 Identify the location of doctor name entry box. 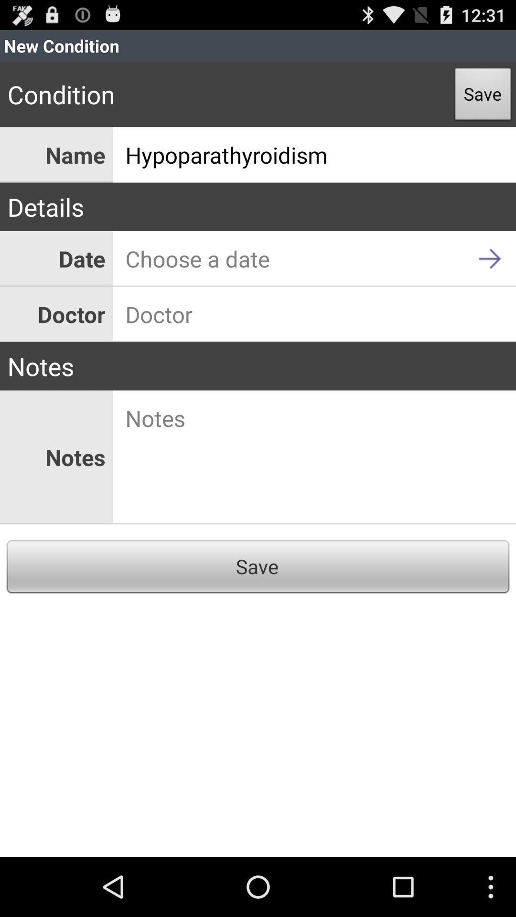
(314, 314).